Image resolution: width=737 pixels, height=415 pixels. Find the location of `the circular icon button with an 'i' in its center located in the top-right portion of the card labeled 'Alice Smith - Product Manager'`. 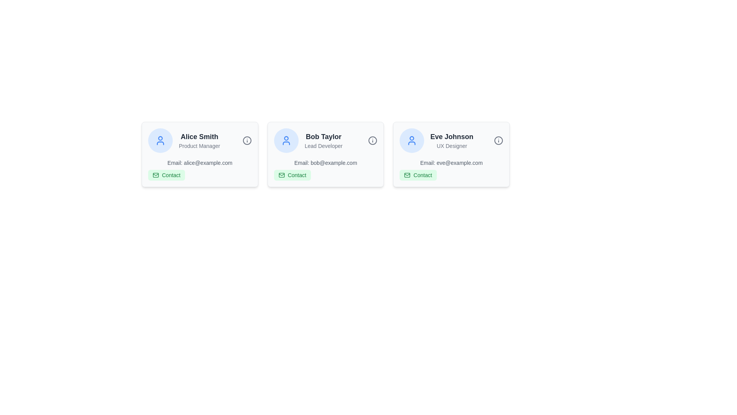

the circular icon button with an 'i' in its center located in the top-right portion of the card labeled 'Alice Smith - Product Manager' is located at coordinates (247, 141).